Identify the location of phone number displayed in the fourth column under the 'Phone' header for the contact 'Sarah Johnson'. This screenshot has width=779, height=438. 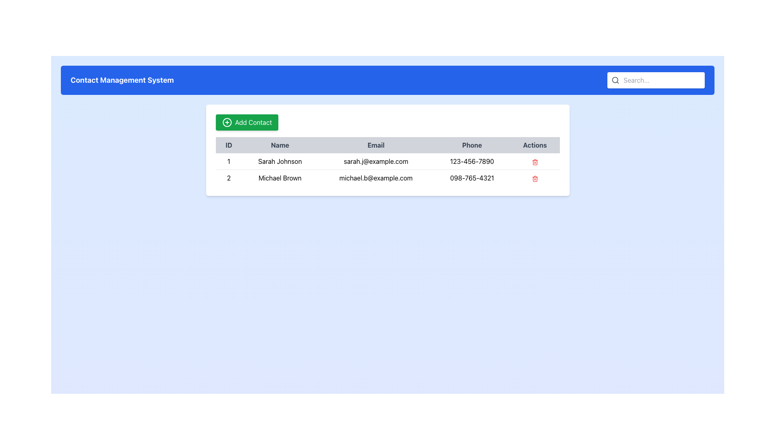
(472, 161).